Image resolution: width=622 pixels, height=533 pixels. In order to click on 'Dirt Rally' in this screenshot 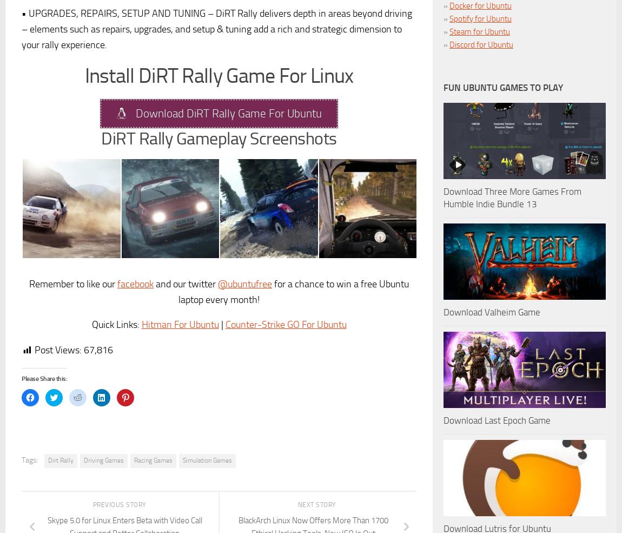, I will do `click(60, 460)`.